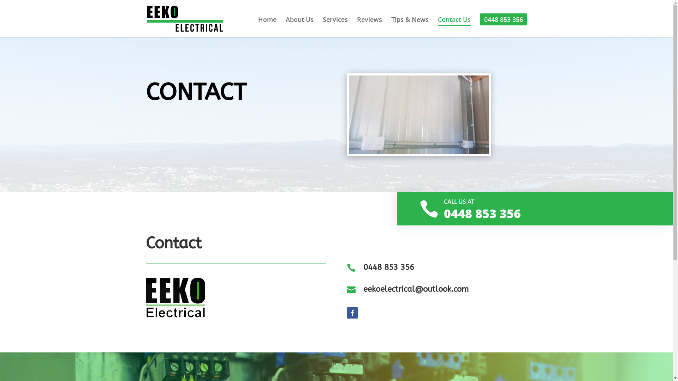 This screenshot has width=678, height=381. Describe the element at coordinates (454, 25) in the screenshot. I see `'Contact Us'` at that location.